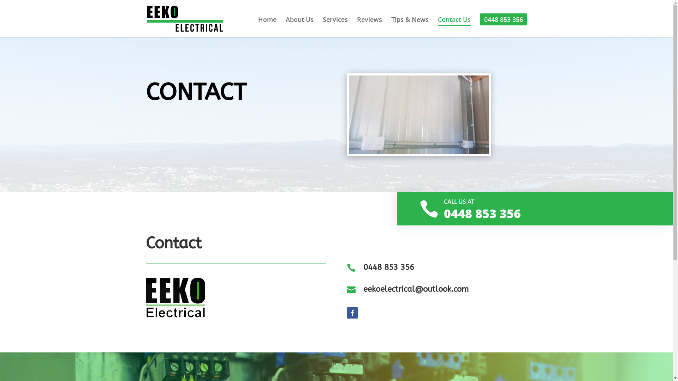 This screenshot has width=678, height=381. Describe the element at coordinates (454, 25) in the screenshot. I see `'Contact Us'` at that location.